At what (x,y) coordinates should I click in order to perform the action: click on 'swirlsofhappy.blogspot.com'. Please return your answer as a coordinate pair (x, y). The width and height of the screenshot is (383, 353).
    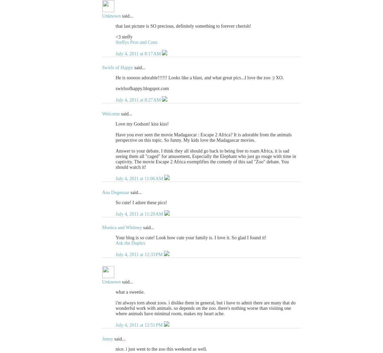
    Looking at the image, I should click on (142, 88).